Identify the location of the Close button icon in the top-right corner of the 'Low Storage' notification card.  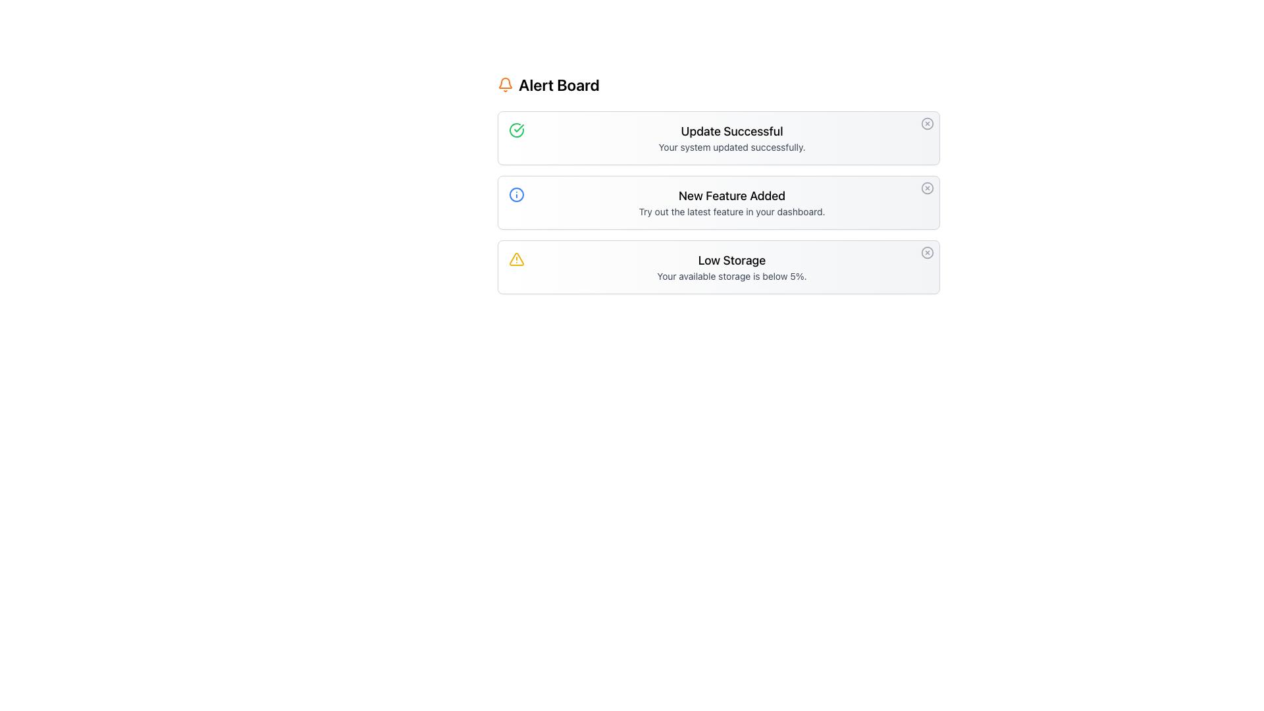
(927, 253).